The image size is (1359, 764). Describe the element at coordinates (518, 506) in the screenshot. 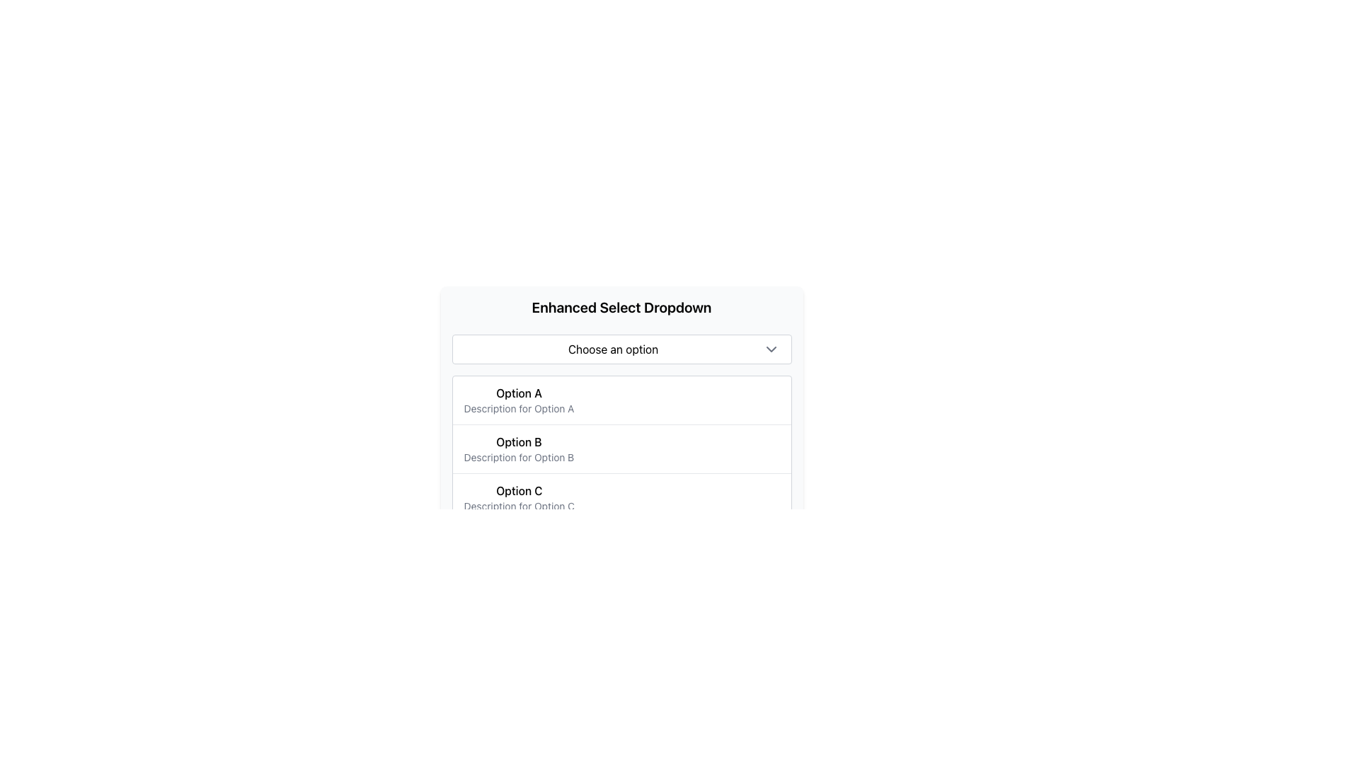

I see `the text label that contains the phrase 'Description for Option C.' positioned below the 'Option C' label in the dropdown menu interface` at that location.